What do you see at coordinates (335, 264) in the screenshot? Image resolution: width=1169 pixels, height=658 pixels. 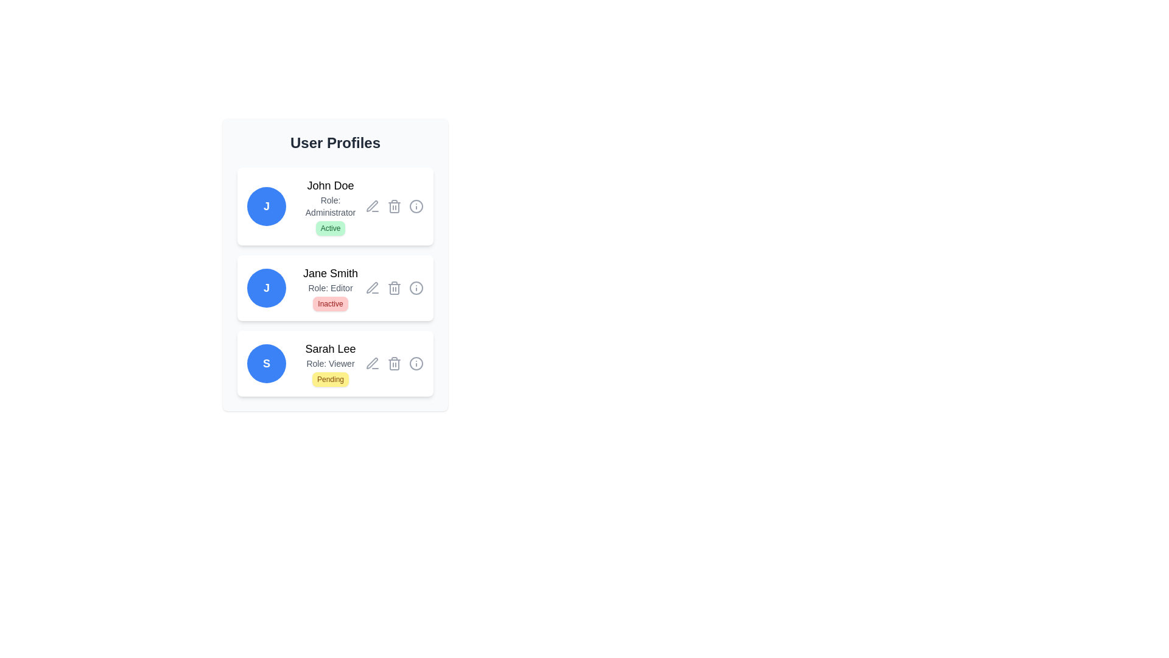 I see `the edit icon on the User Profile Card for 'Jane Smith', which is the second card in the list of user profiles, to modify the user's details` at bounding box center [335, 264].